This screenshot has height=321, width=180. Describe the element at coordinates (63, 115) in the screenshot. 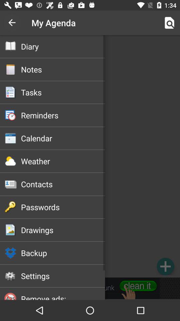

I see `the item above the calendar item` at that location.